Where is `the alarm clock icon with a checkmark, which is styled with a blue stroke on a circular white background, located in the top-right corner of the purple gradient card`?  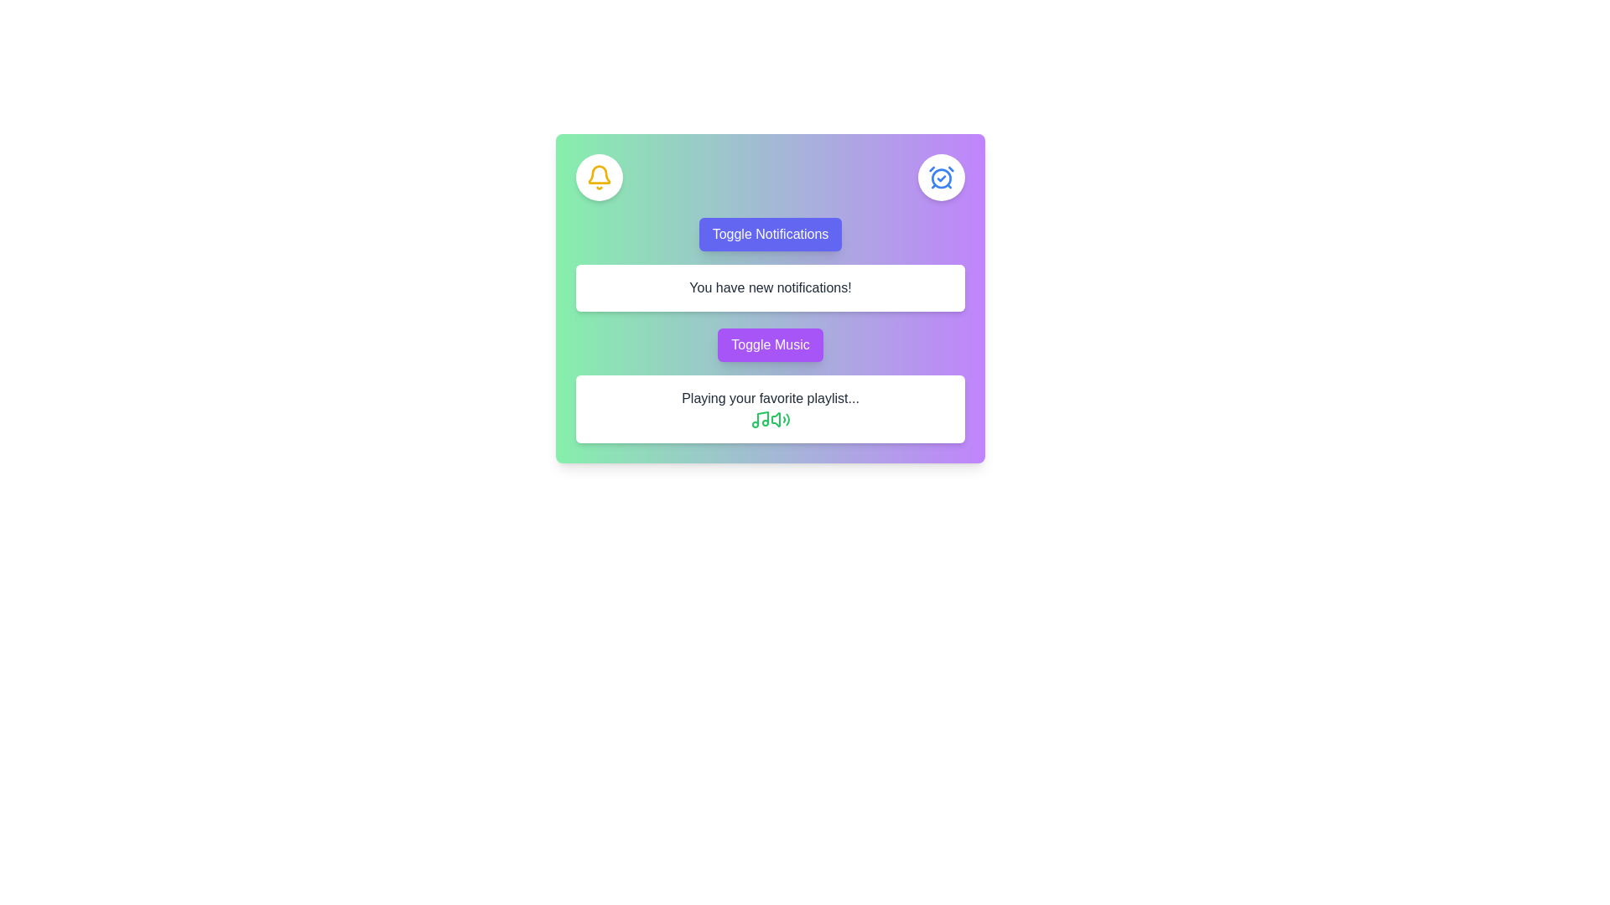 the alarm clock icon with a checkmark, which is styled with a blue stroke on a circular white background, located in the top-right corner of the purple gradient card is located at coordinates (942, 178).